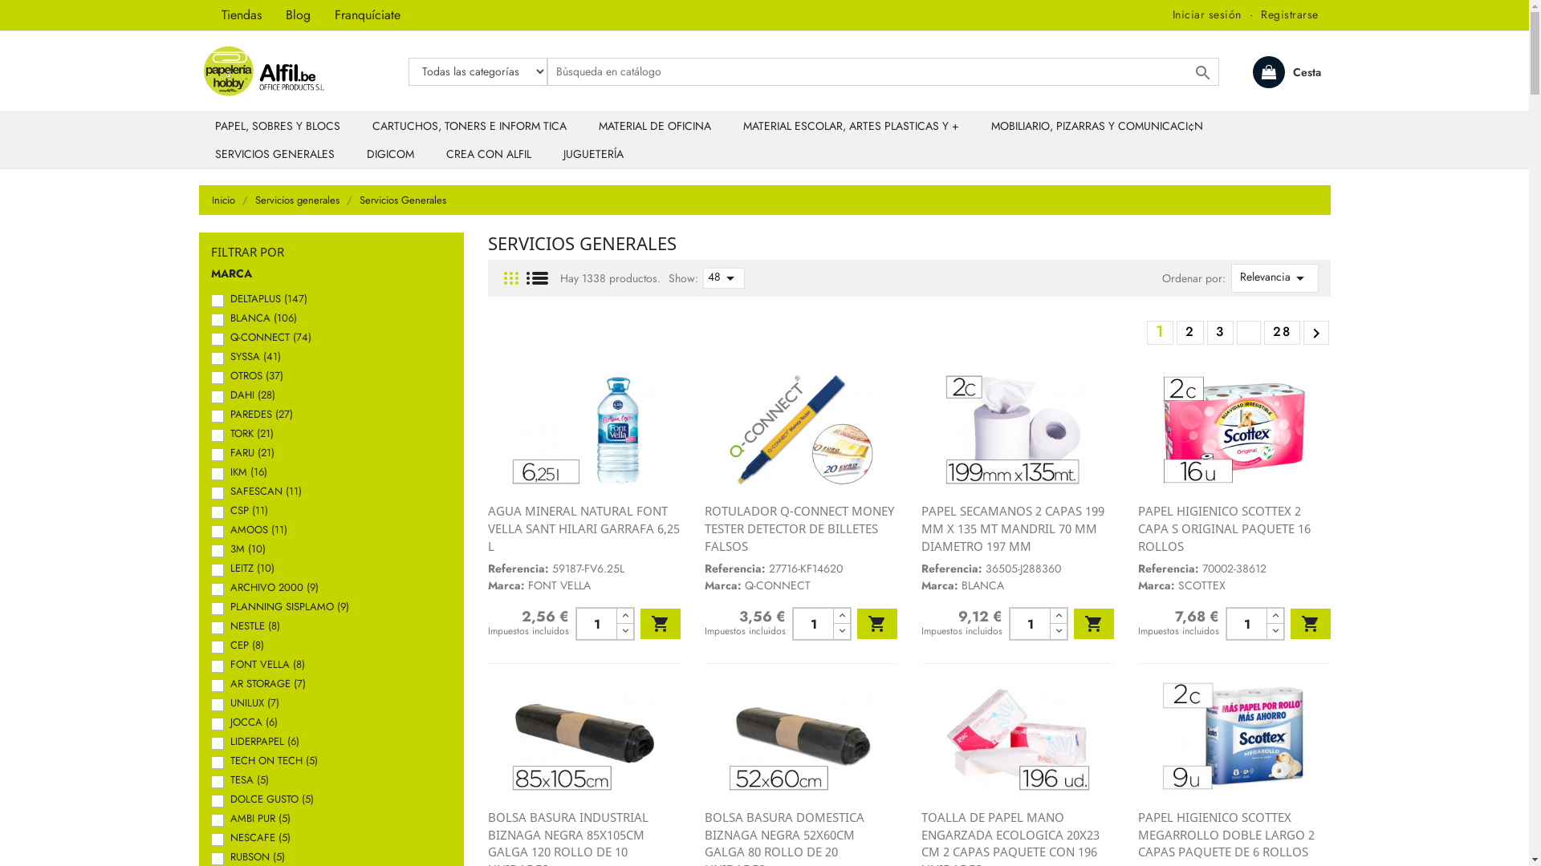 The image size is (1541, 866). Describe the element at coordinates (488, 154) in the screenshot. I see `'CREA CON ALFIL'` at that location.